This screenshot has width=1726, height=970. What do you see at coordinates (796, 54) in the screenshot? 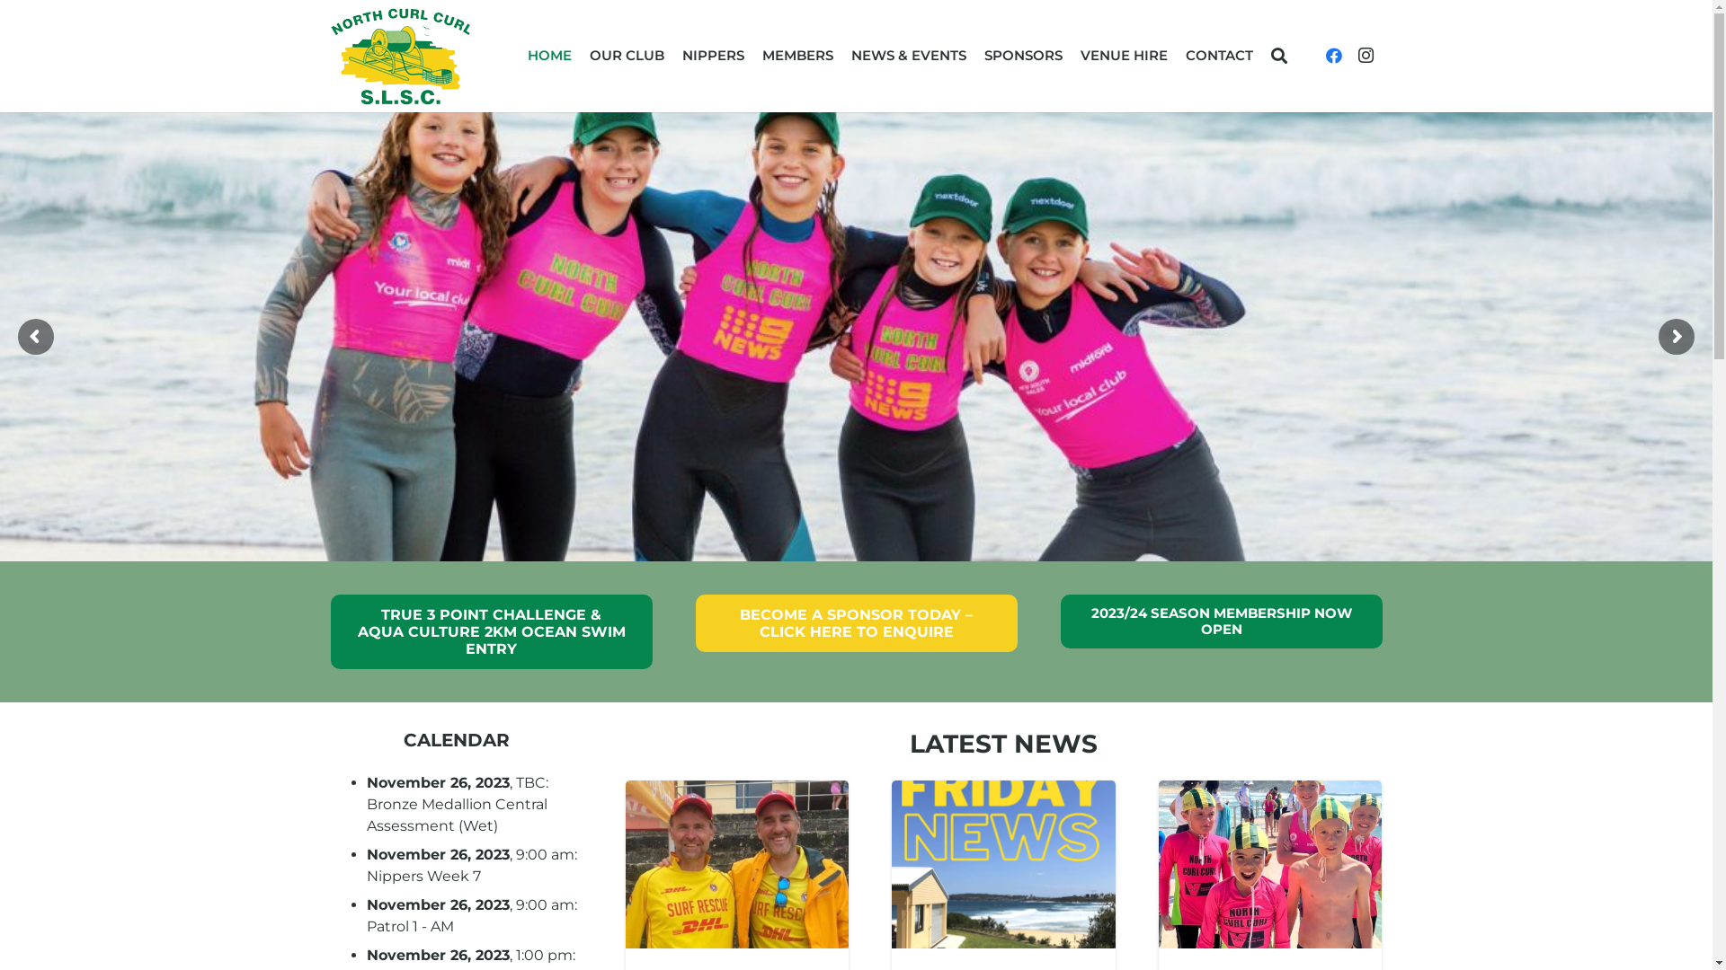
I see `'MEMBERS'` at bounding box center [796, 54].